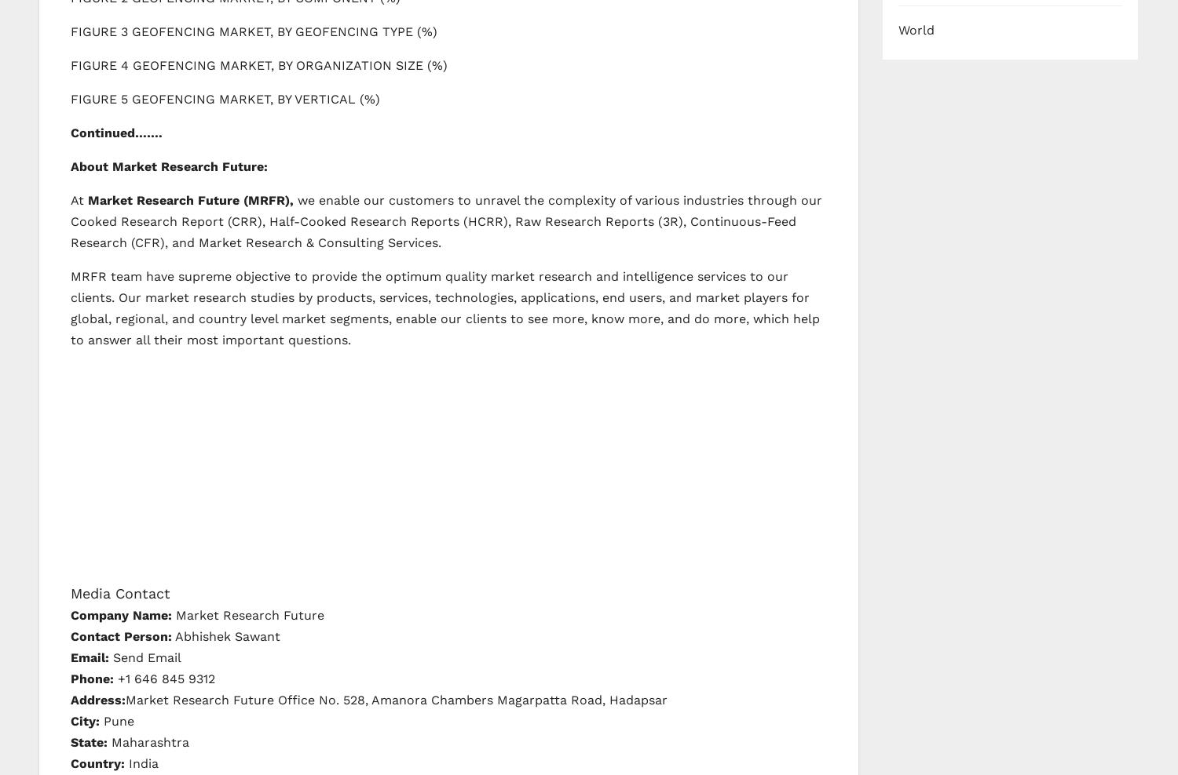 The image size is (1178, 775). What do you see at coordinates (116, 131) in the screenshot?
I see `'Continued…….'` at bounding box center [116, 131].